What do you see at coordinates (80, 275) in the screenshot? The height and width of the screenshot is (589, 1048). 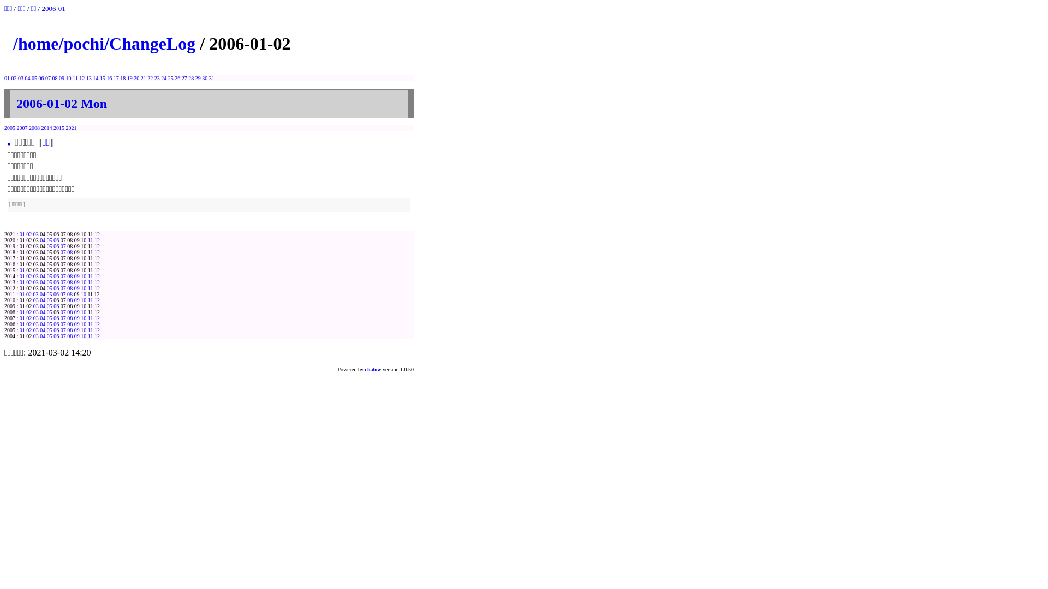 I see `'10'` at bounding box center [80, 275].